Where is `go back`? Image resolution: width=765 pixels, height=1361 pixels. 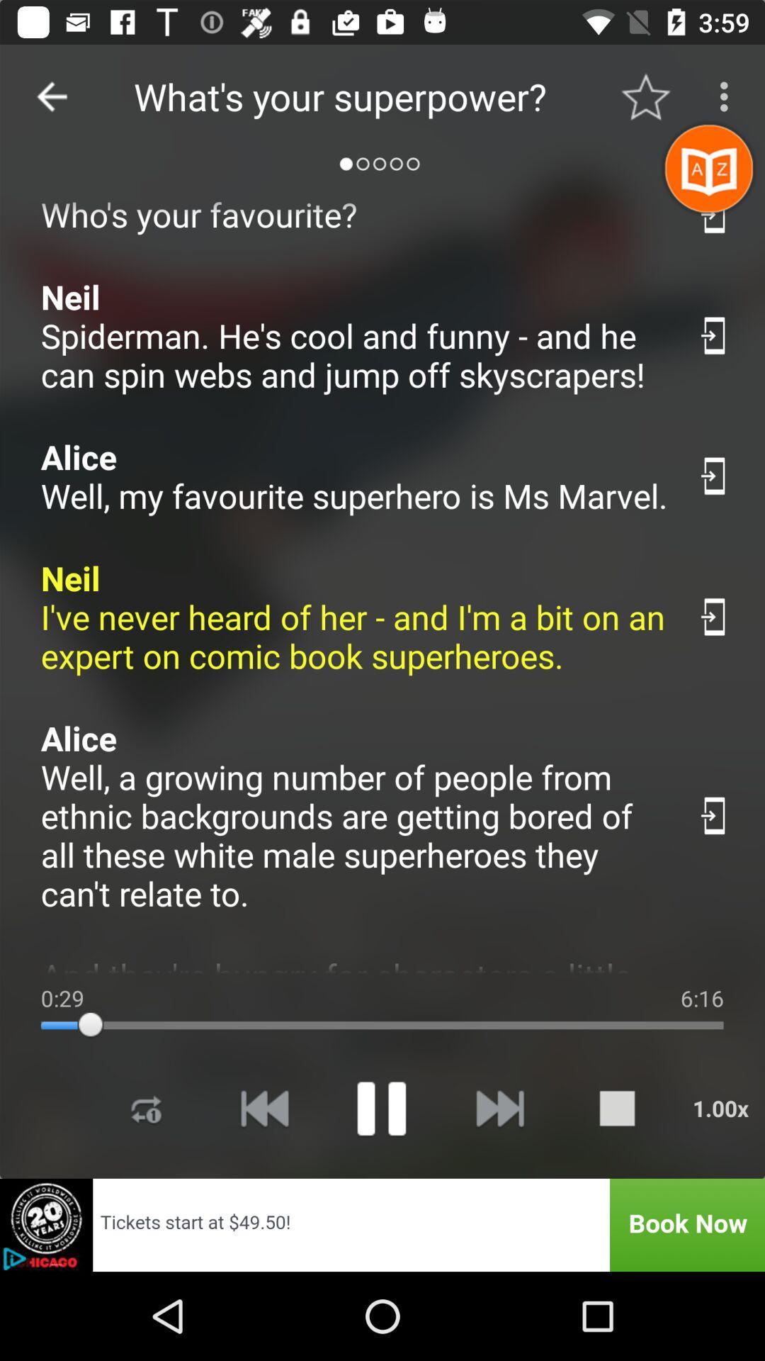 go back is located at coordinates (51, 96).